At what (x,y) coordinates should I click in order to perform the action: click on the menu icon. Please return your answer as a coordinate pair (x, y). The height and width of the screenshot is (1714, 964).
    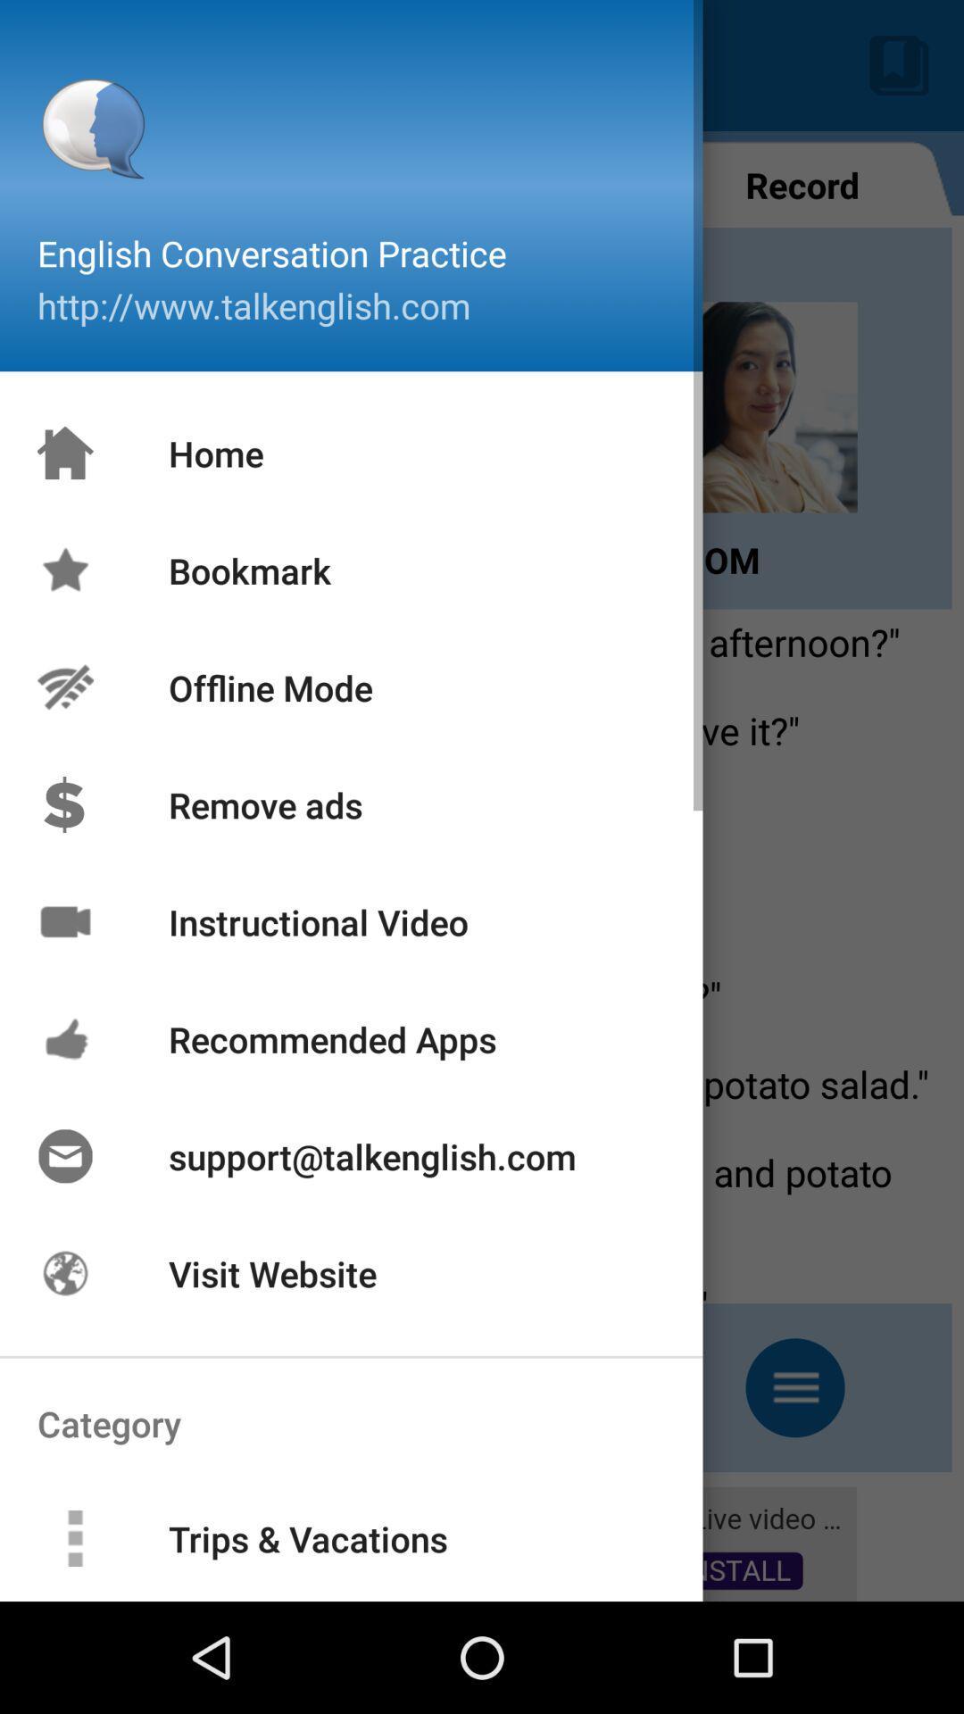
    Looking at the image, I should click on (794, 1386).